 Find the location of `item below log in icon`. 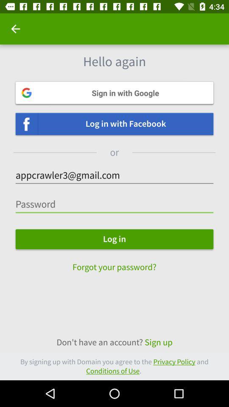

item below log in icon is located at coordinates (114, 262).